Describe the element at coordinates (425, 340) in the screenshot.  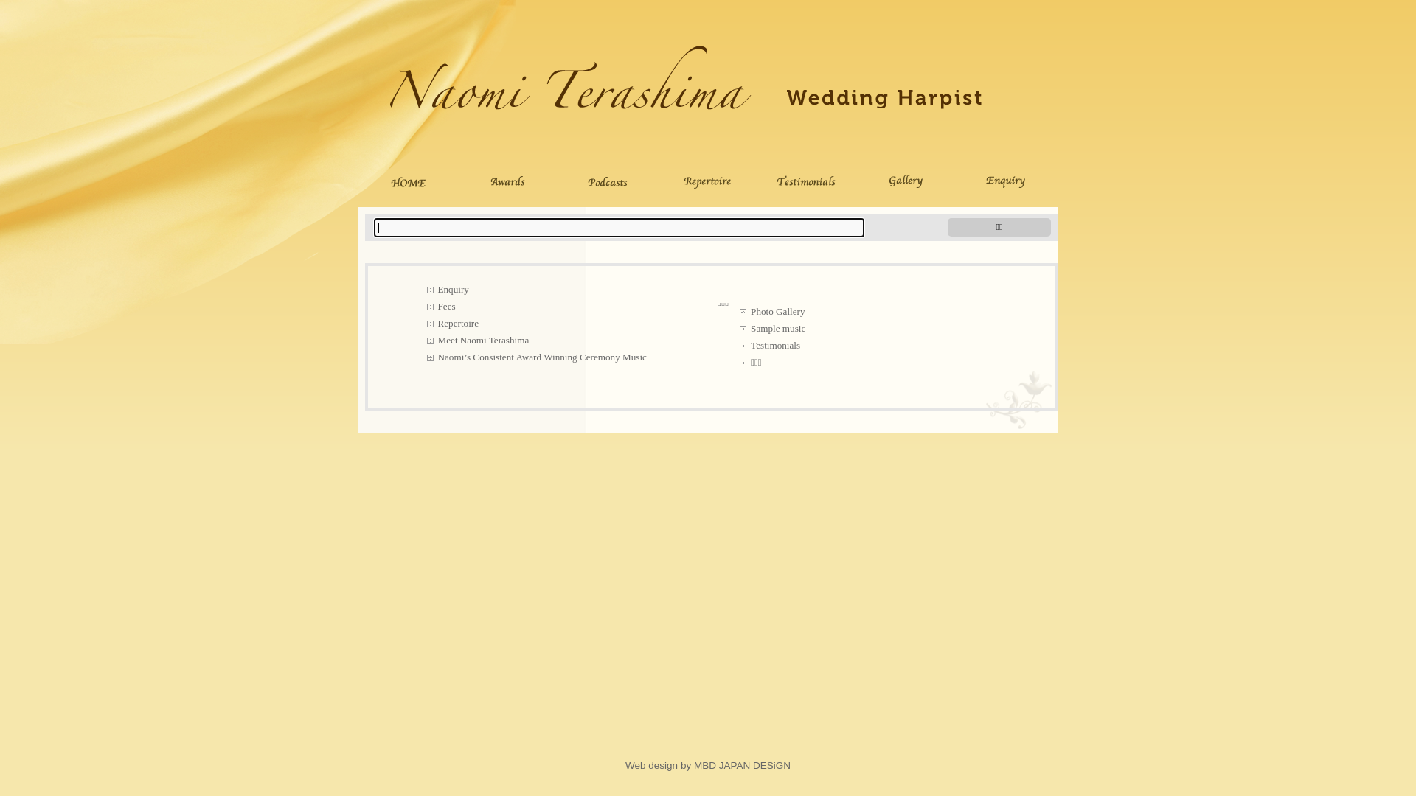
I see `'Meet Naomi Terashima'` at that location.